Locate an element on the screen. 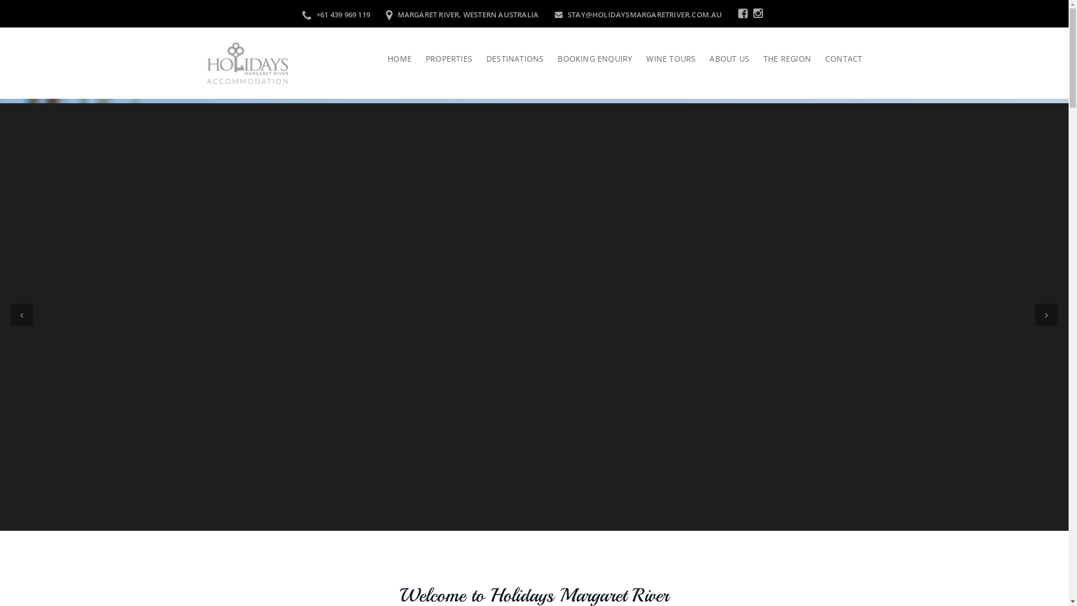 This screenshot has width=1077, height=606. 'HOME' is located at coordinates (399, 58).